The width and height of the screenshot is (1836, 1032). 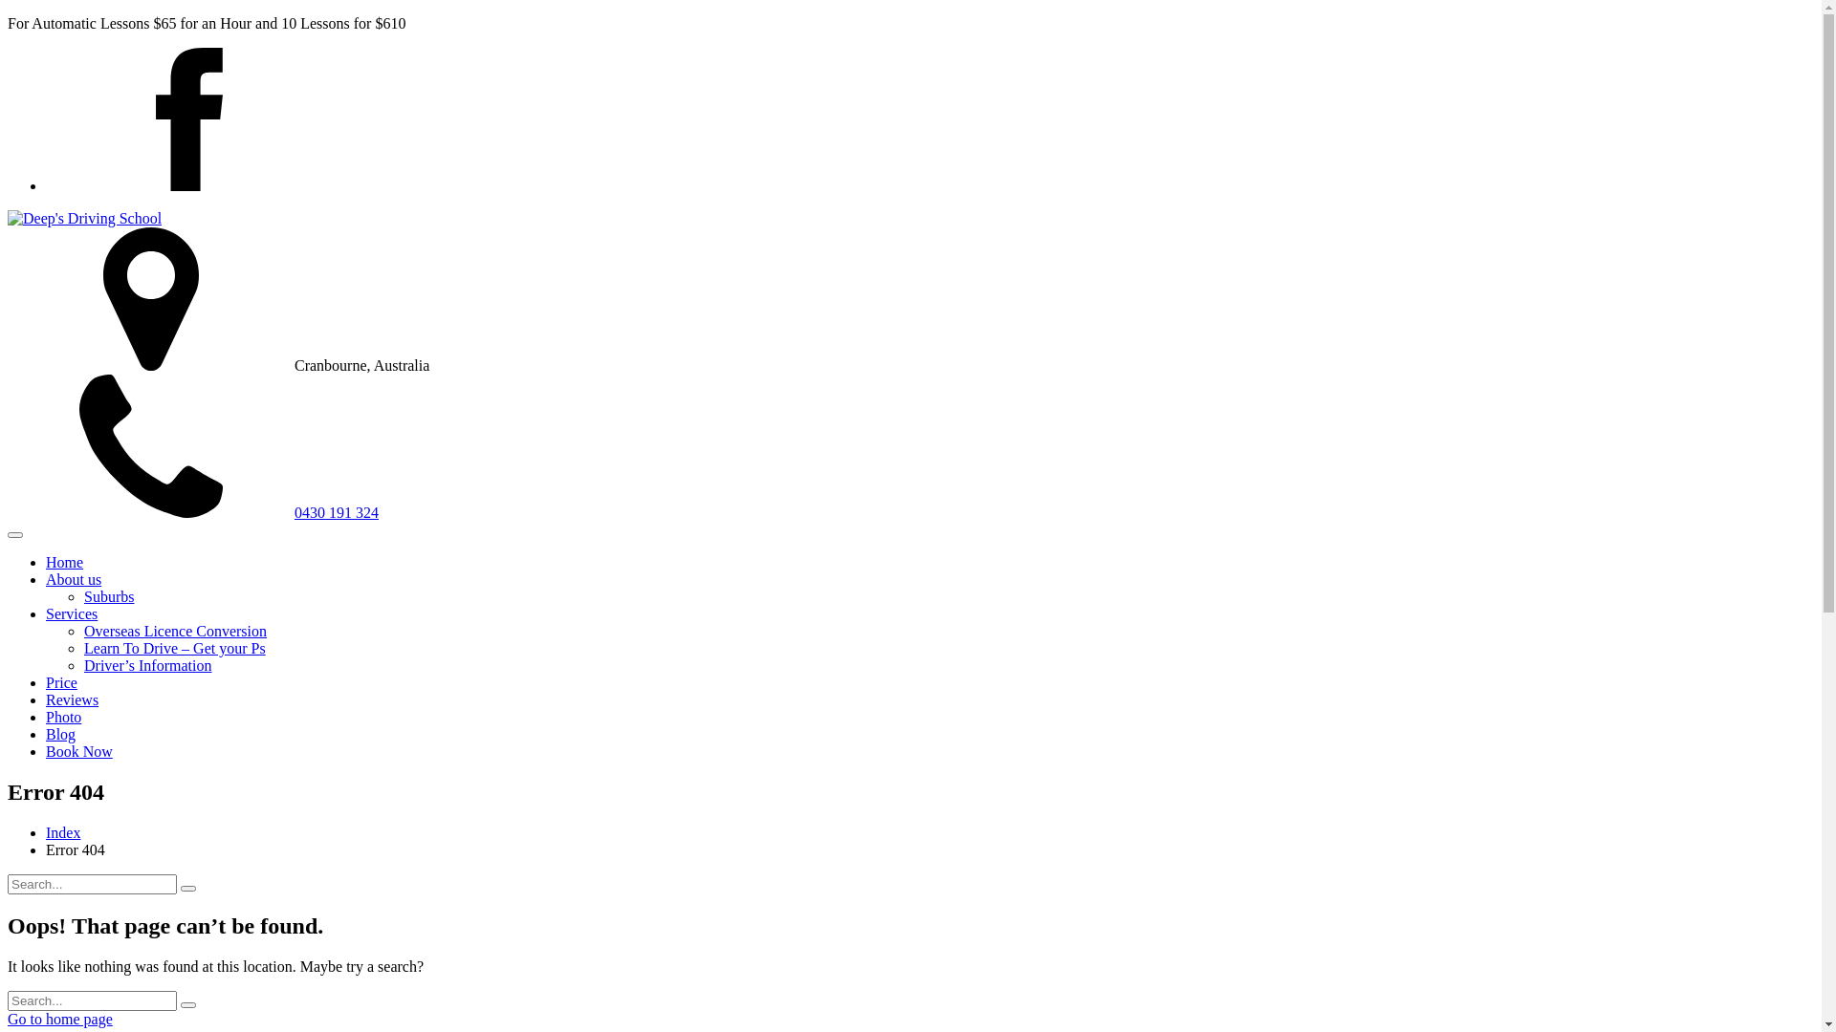 I want to click on 'About us', so click(x=73, y=578).